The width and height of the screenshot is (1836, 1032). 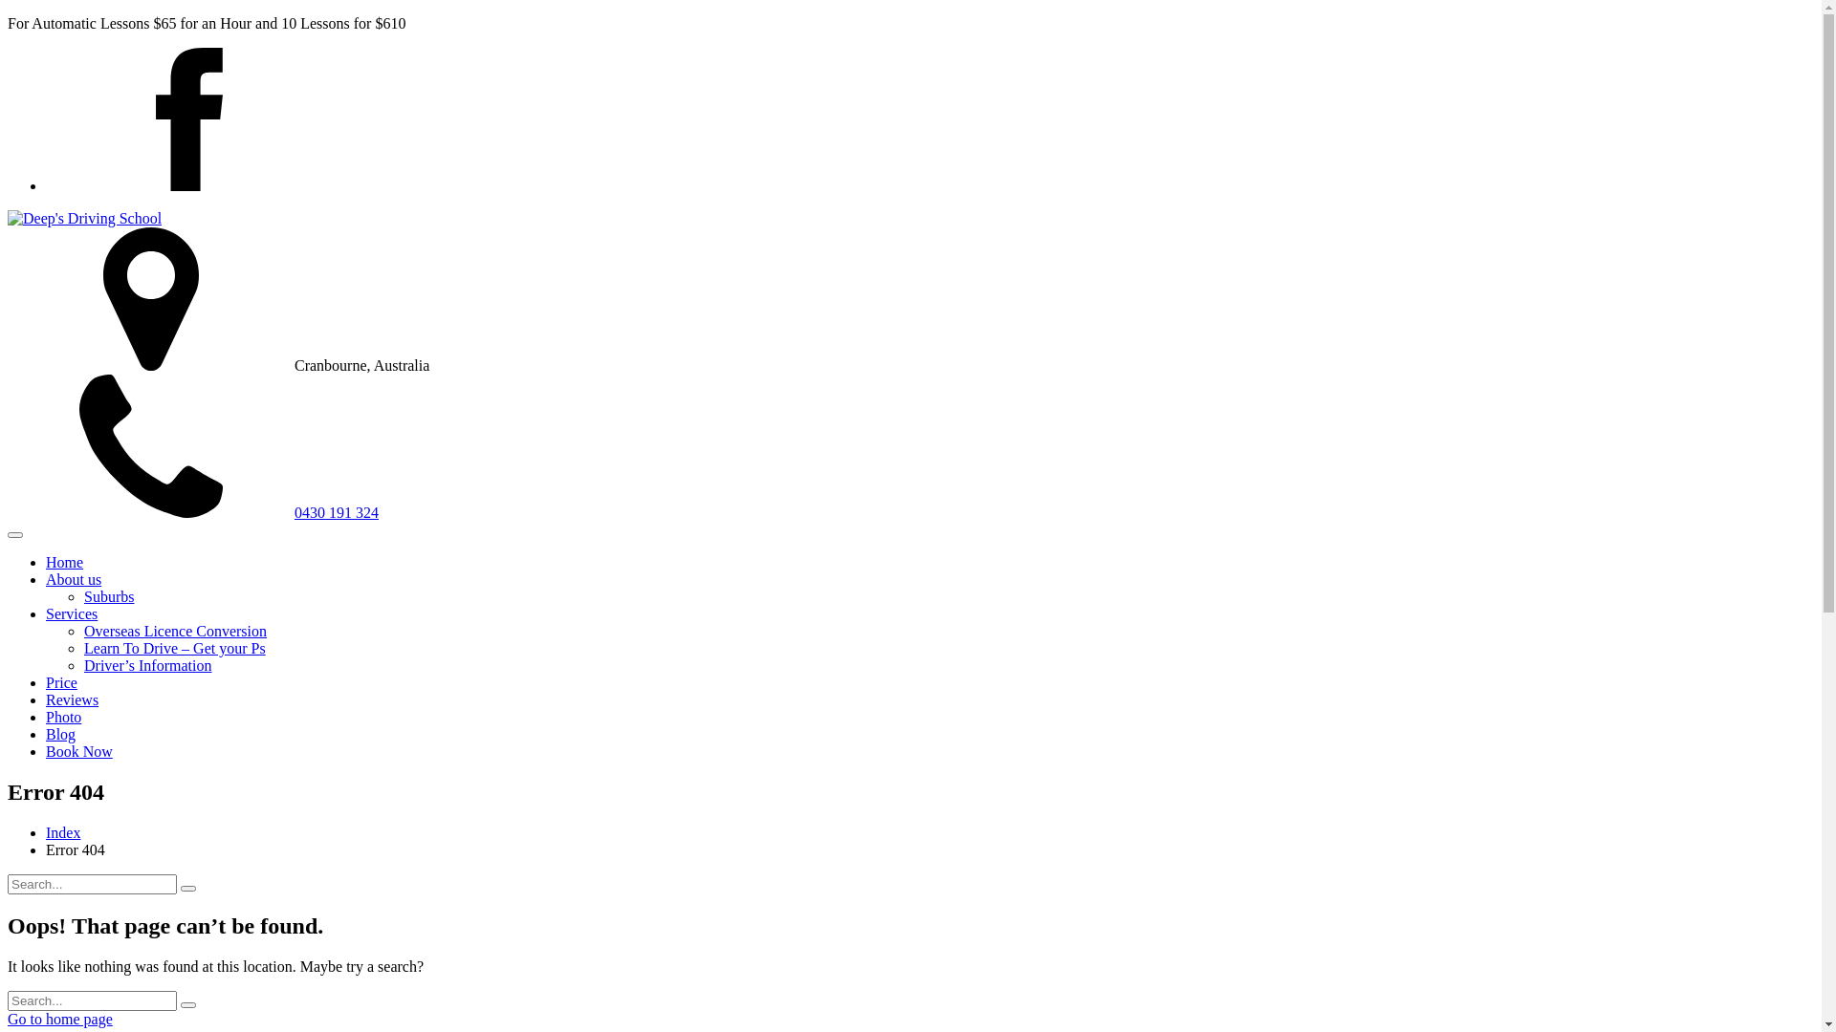 I want to click on 'About us', so click(x=73, y=578).